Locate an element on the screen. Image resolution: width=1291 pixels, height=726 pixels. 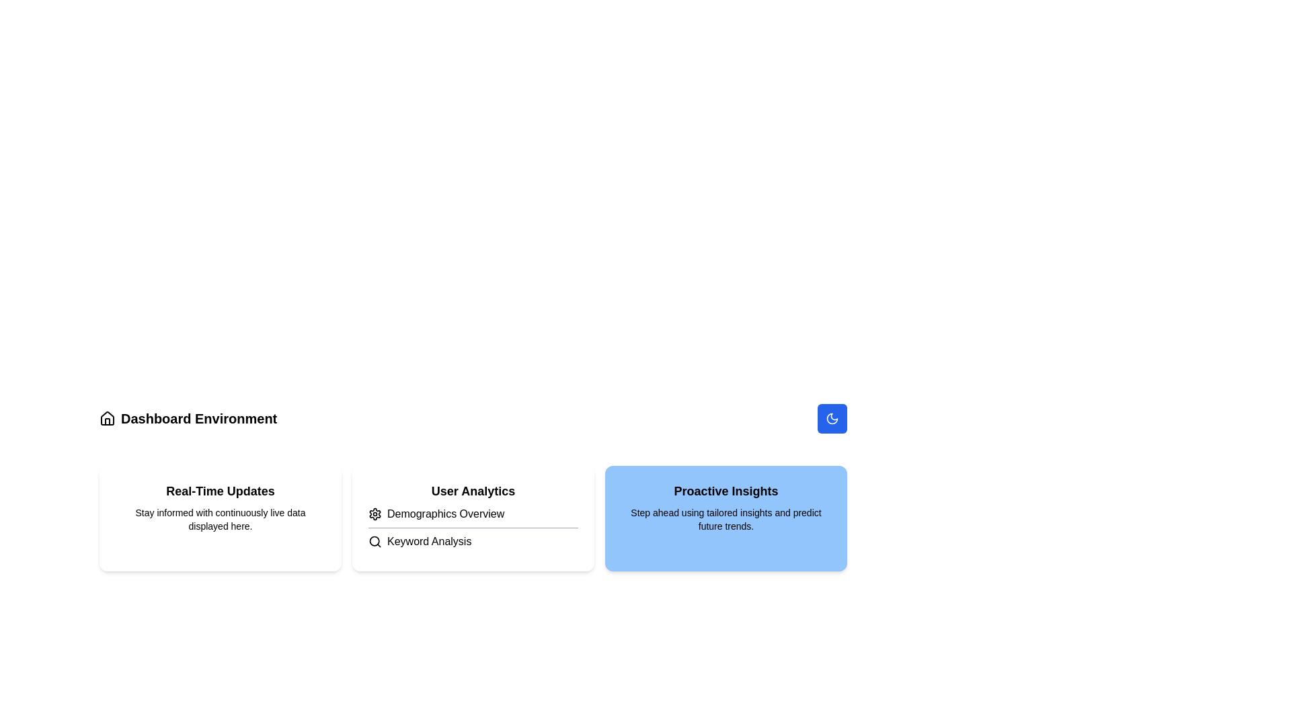
the settings icon located in the top-right section of the 'User Analytics' card is located at coordinates (375, 514).